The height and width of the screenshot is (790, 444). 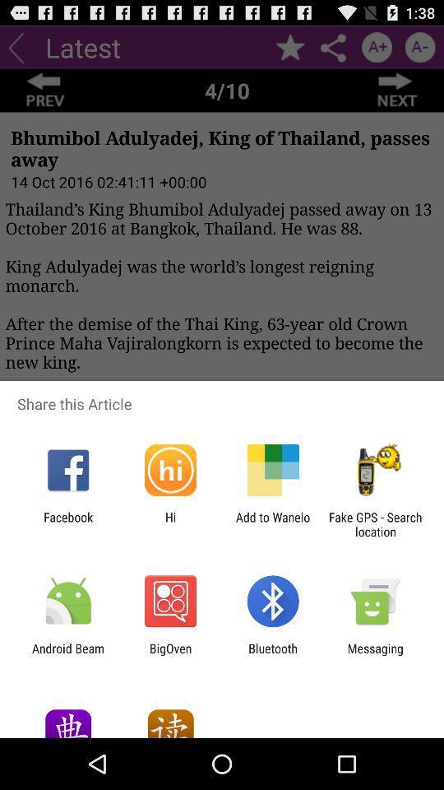 What do you see at coordinates (273, 655) in the screenshot?
I see `bluetooth app` at bounding box center [273, 655].